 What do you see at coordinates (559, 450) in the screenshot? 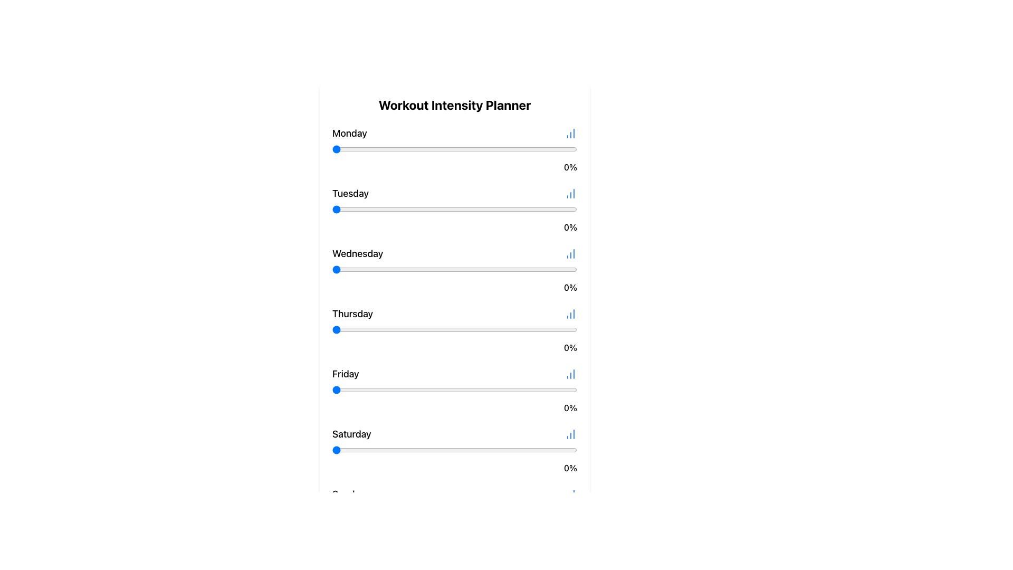
I see `Saturday's workout intensity` at bounding box center [559, 450].